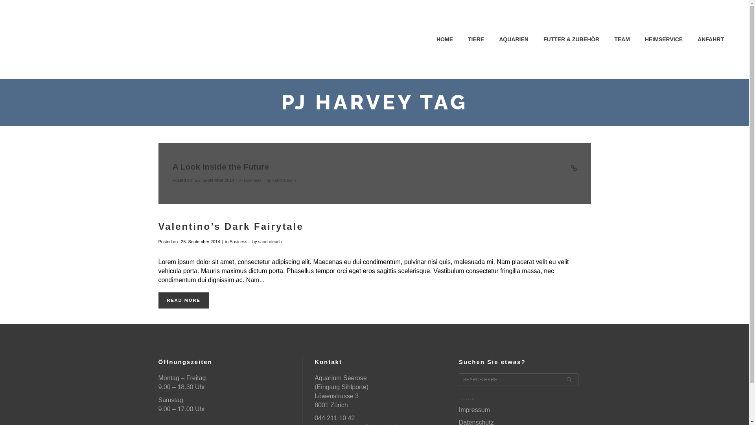 The image size is (755, 425). Describe the element at coordinates (171, 166) in the screenshot. I see `'A Look Inside the Future'` at that location.